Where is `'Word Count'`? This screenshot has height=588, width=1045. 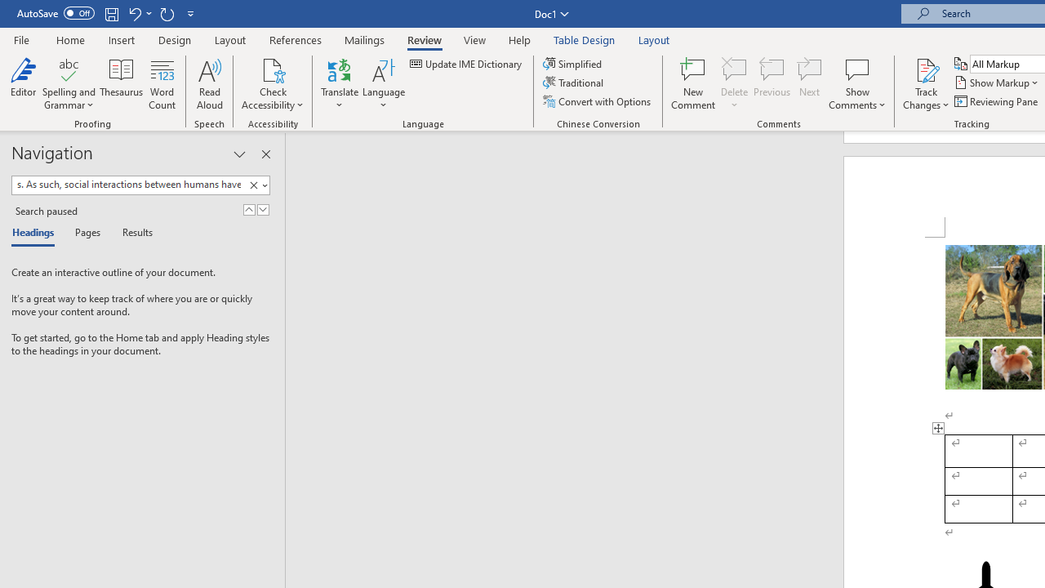 'Word Count' is located at coordinates (162, 84).